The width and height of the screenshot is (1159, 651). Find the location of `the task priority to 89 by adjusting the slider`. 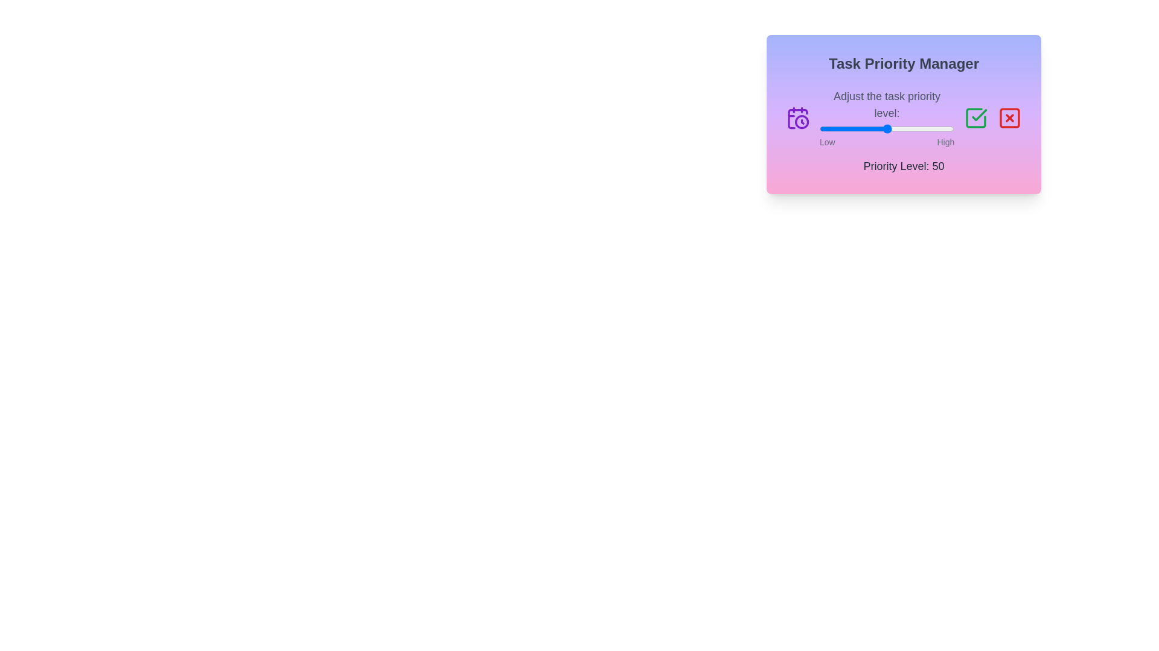

the task priority to 89 by adjusting the slider is located at coordinates (939, 128).